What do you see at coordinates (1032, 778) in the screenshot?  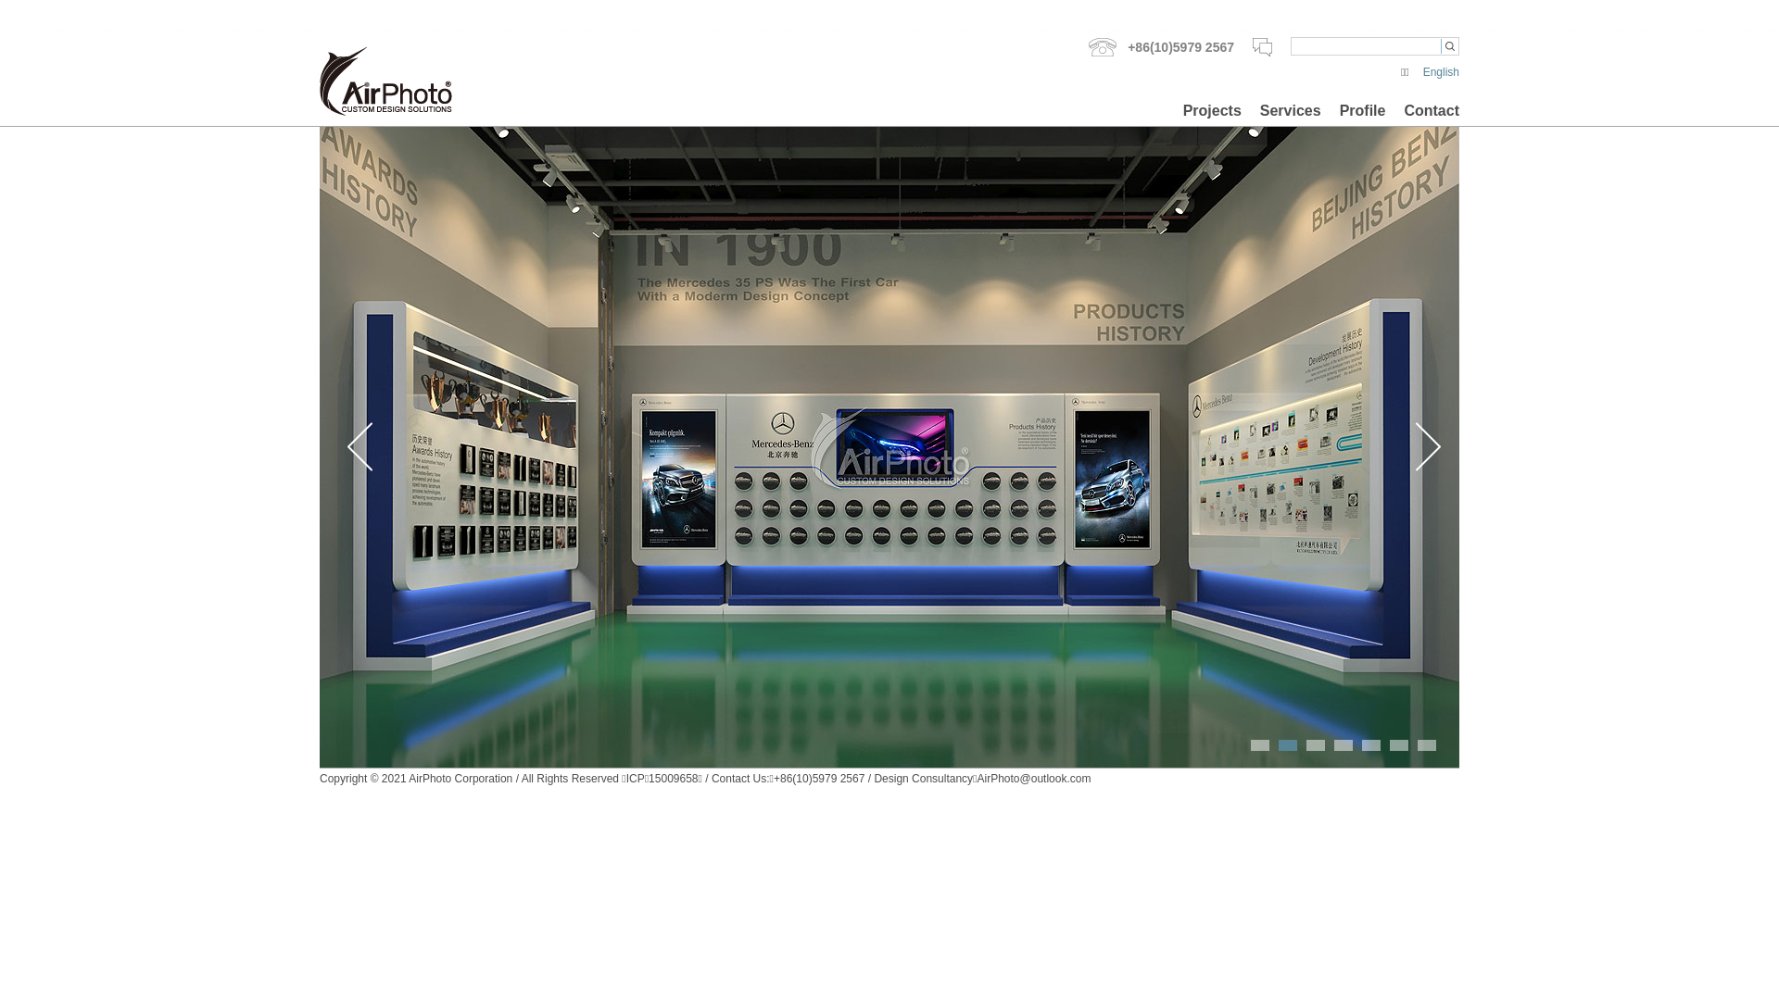 I see `'AirPhoto@outlook.com'` at bounding box center [1032, 778].